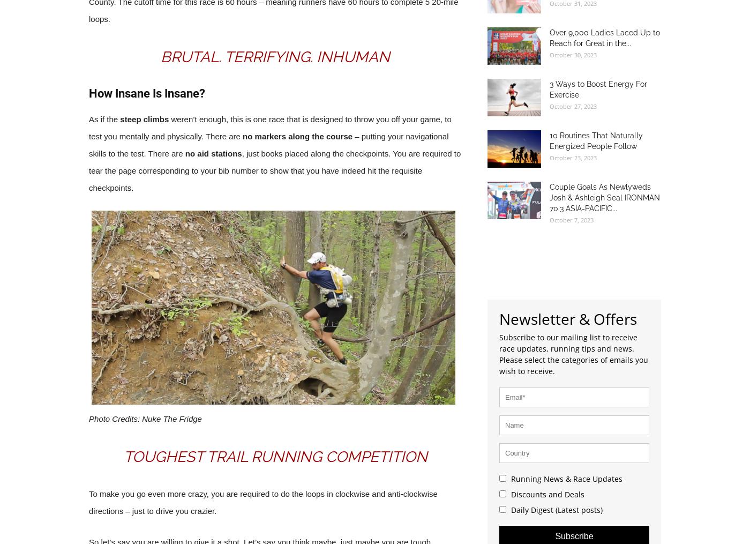 The image size is (750, 544). Describe the element at coordinates (145, 418) in the screenshot. I see `'Photo Credits: Nuke The Fridge'` at that location.